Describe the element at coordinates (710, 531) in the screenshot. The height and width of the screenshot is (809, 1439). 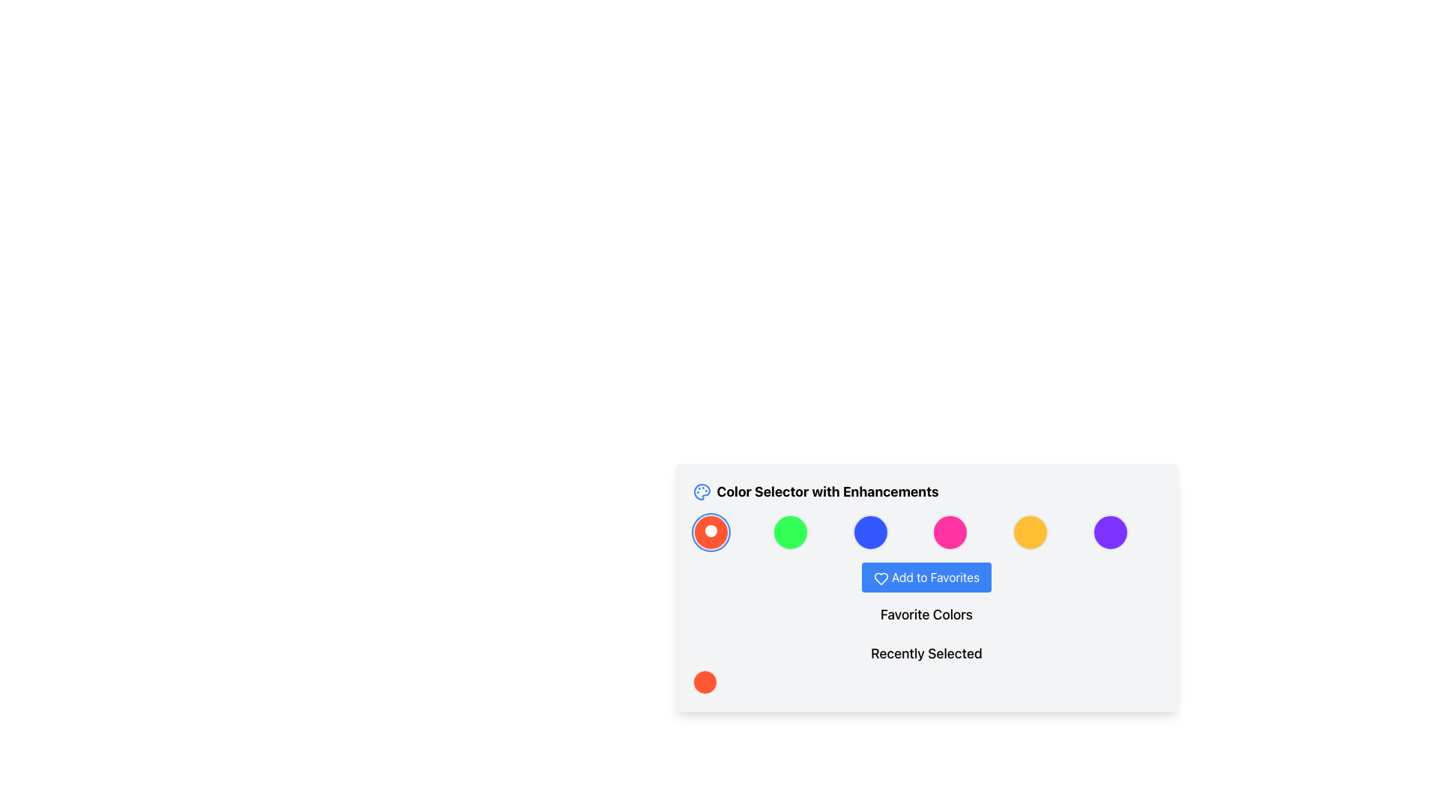
I see `the first selectable button or icon in the sequence of six circular icons` at that location.